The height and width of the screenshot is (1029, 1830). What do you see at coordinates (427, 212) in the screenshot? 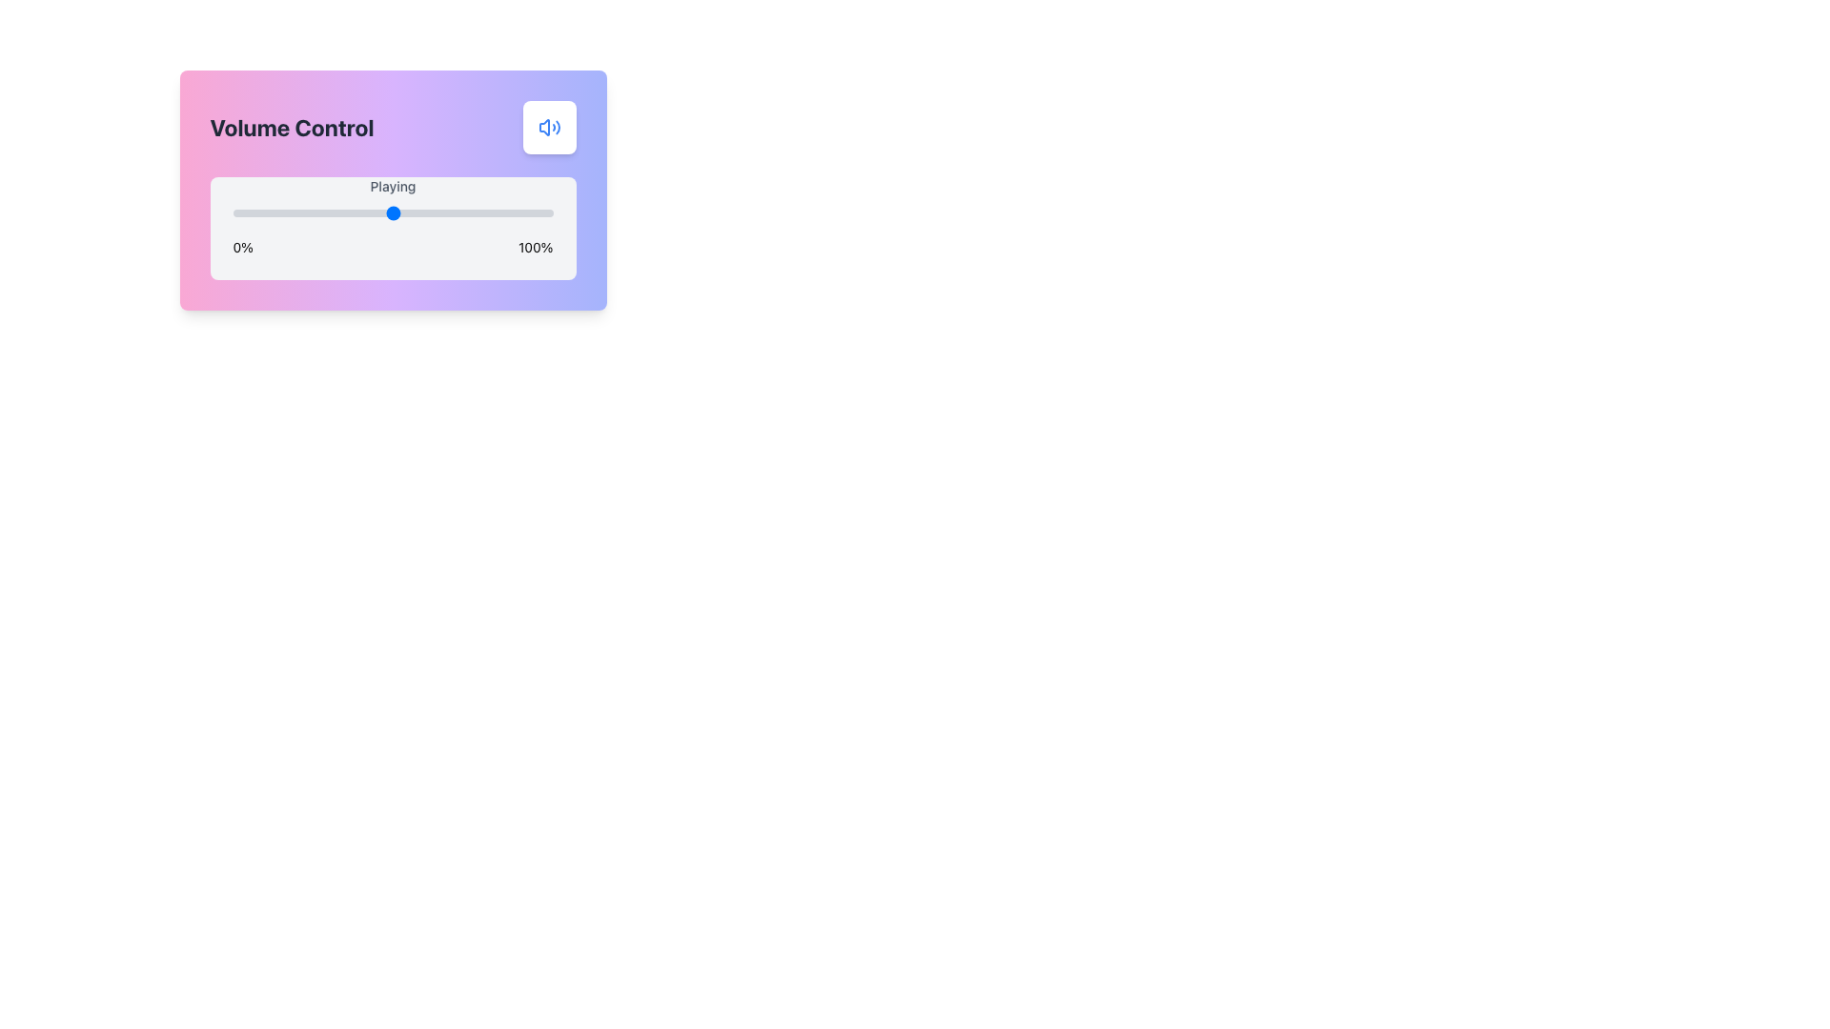
I see `the playback position` at bounding box center [427, 212].